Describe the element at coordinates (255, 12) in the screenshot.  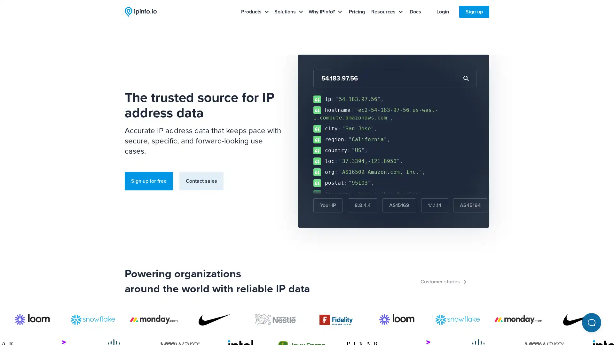
I see `Products` at that location.